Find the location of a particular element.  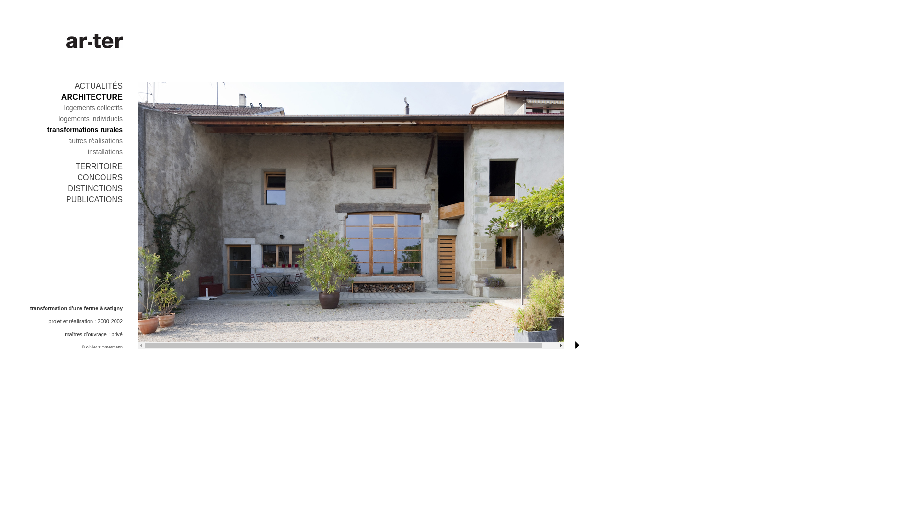

'logements collectifs' is located at coordinates (64, 107).